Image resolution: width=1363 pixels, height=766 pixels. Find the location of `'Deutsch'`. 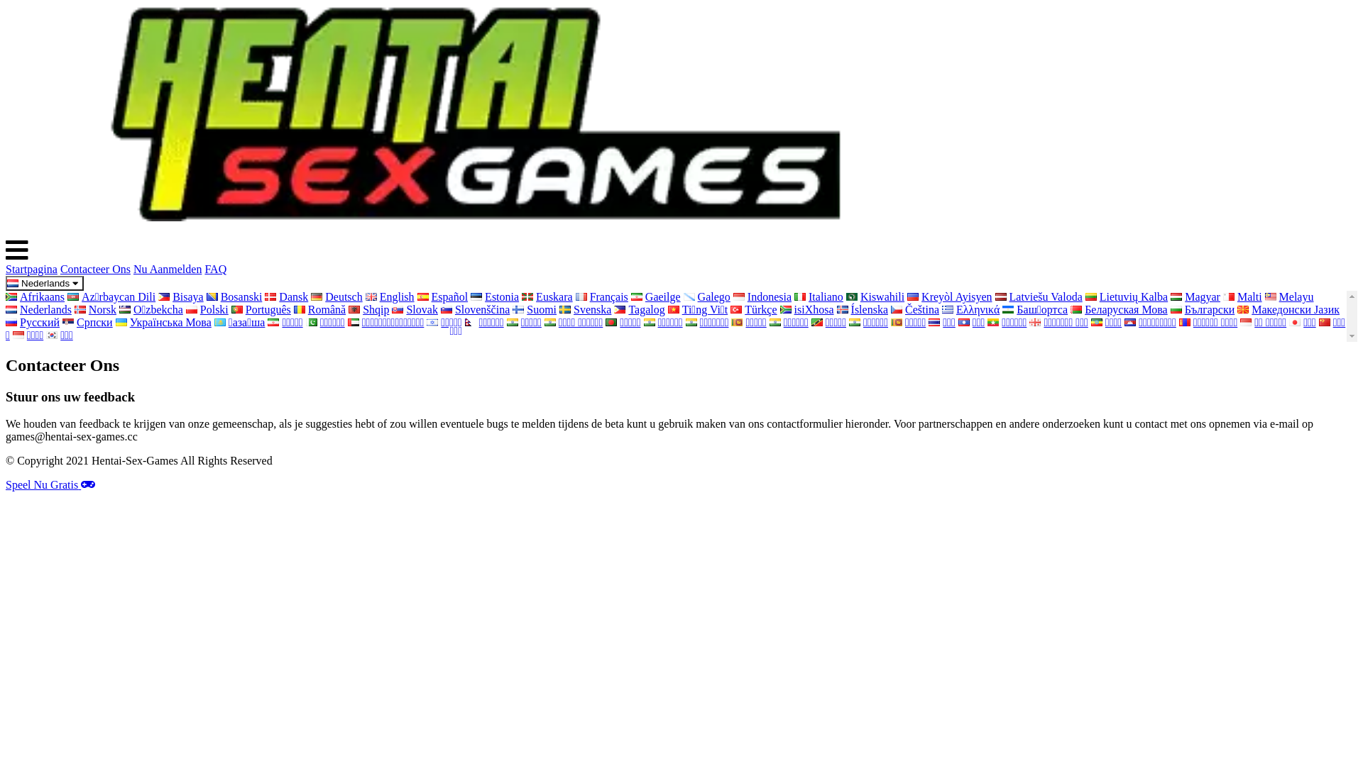

'Deutsch' is located at coordinates (336, 296).